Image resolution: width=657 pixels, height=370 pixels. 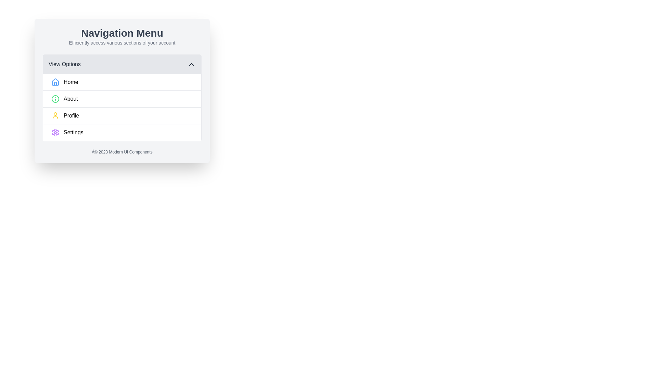 I want to click on the 'About' menu item, which is the second item in the vertical menu list under 'View Options', so click(x=122, y=98).